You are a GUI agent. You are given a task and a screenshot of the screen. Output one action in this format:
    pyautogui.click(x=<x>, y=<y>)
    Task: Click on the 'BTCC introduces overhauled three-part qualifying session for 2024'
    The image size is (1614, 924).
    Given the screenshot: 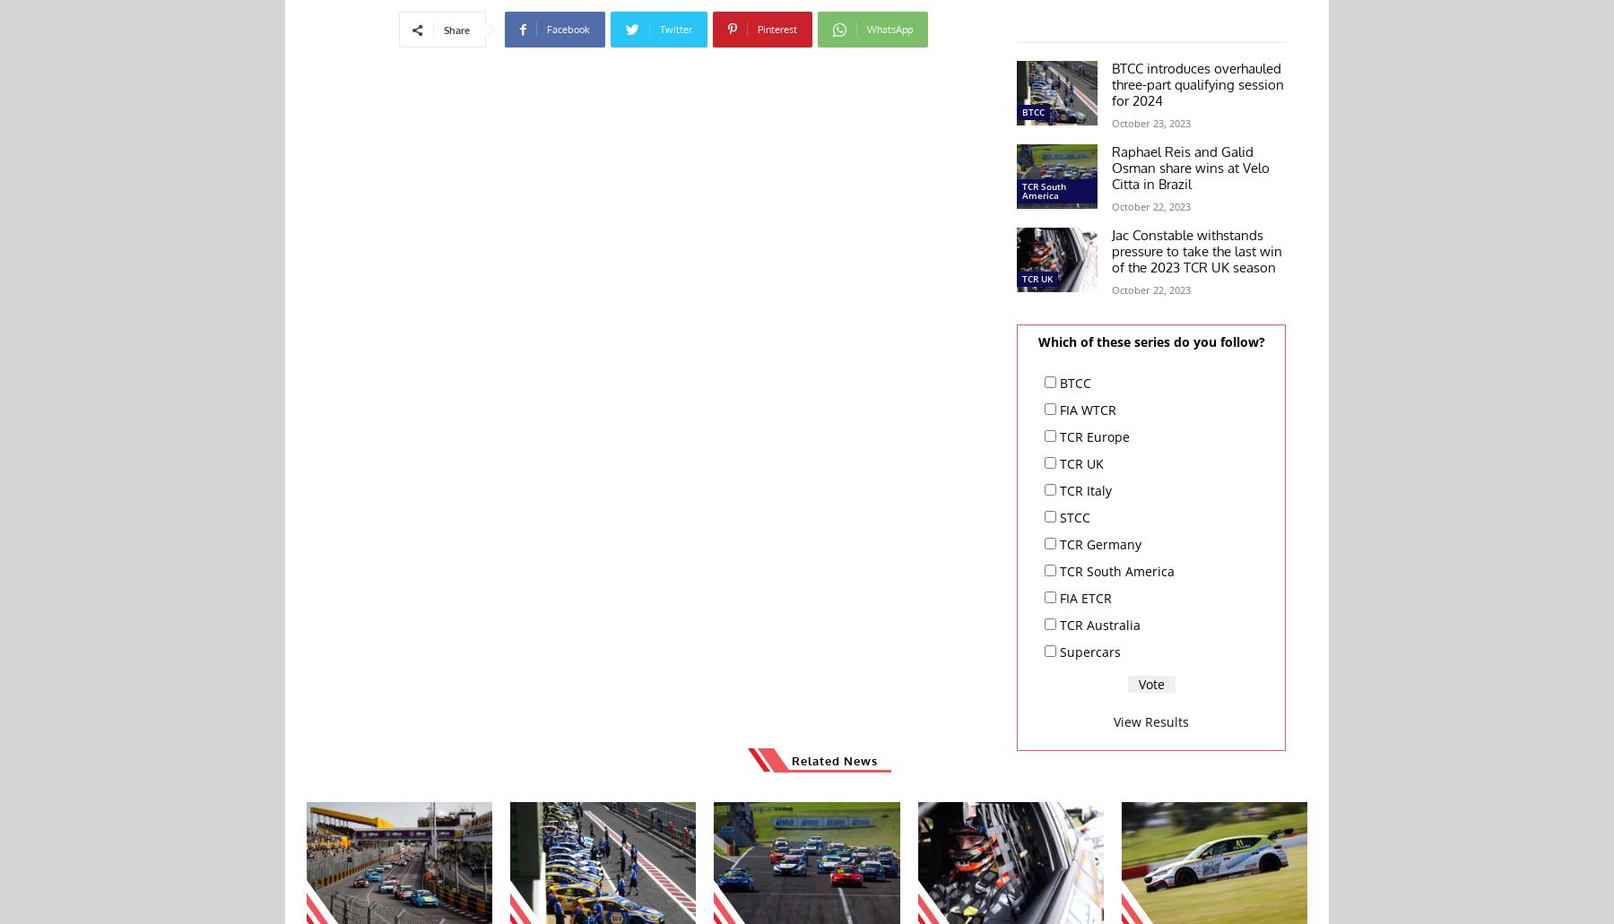 What is the action you would take?
    pyautogui.click(x=1197, y=83)
    